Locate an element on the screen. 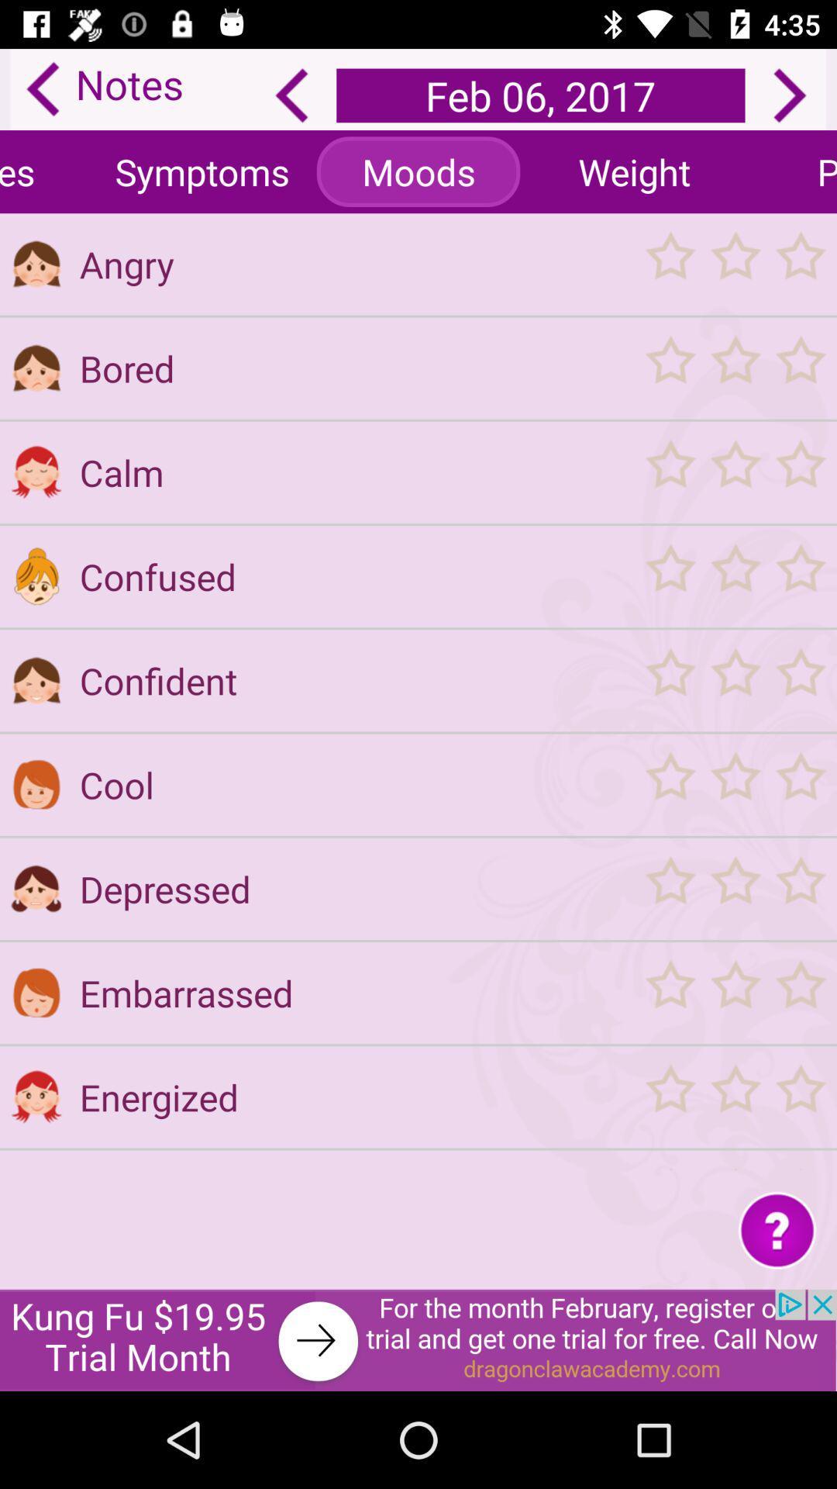  the text which is above the text confused is located at coordinates (353, 472).